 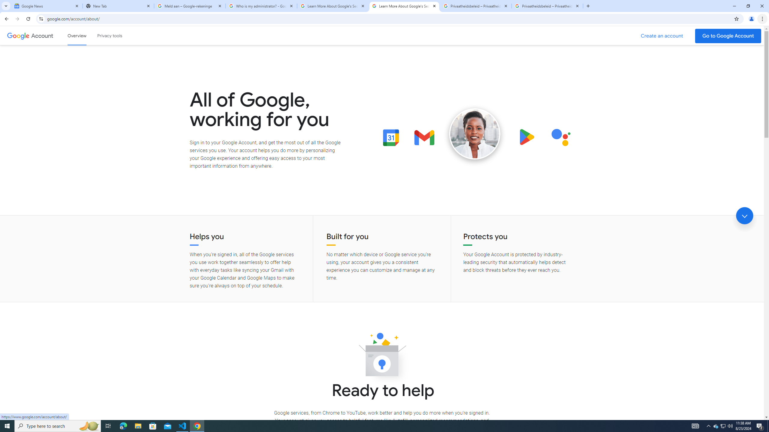 What do you see at coordinates (728, 36) in the screenshot?
I see `'Go to your Google Account'` at bounding box center [728, 36].